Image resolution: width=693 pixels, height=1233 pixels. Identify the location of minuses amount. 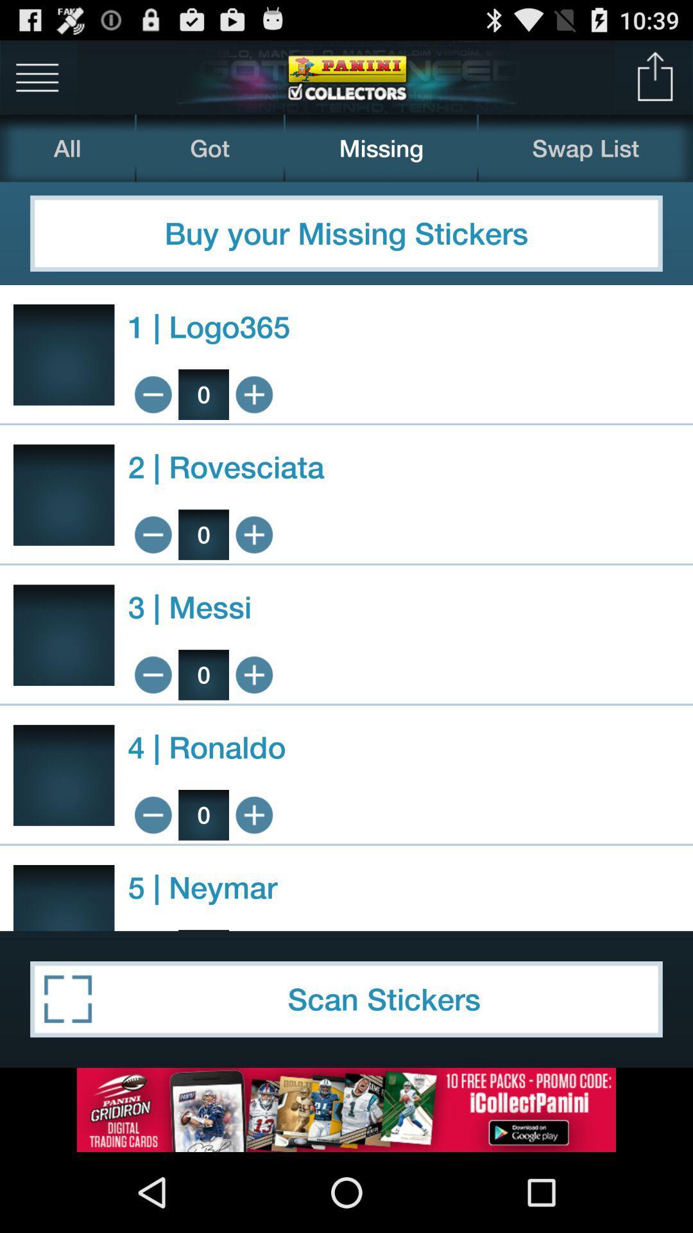
(152, 534).